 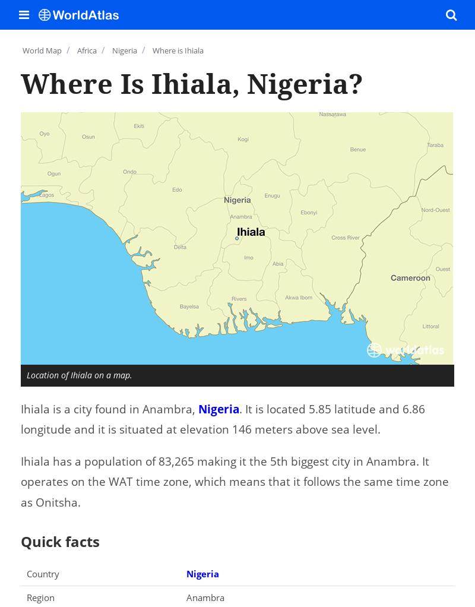 I want to click on 'Quick facts', so click(x=59, y=540).